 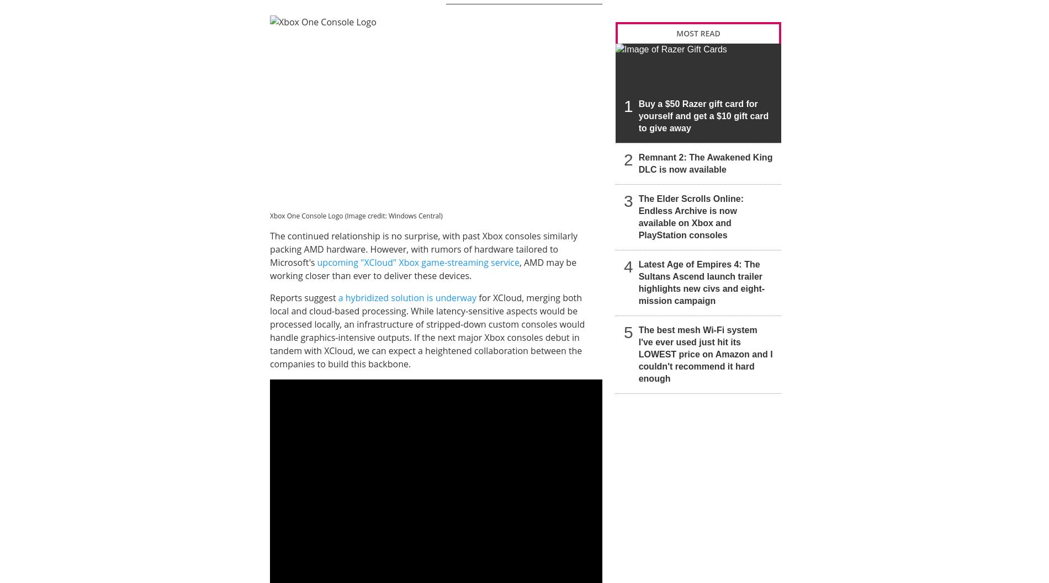 What do you see at coordinates (704, 354) in the screenshot?
I see `'The best mesh Wi-Fi system I've ever used just hit its LOWEST price on Amazon and I couldn't recommend it hard enough'` at bounding box center [704, 354].